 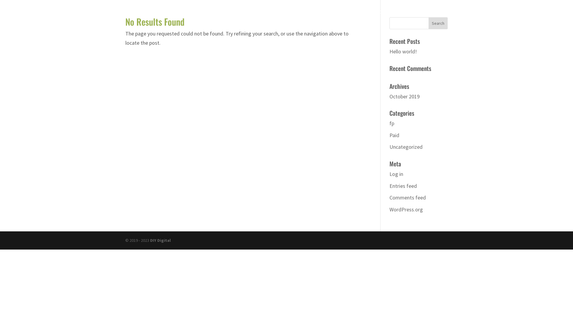 What do you see at coordinates (407, 197) in the screenshot?
I see `'Comments feed'` at bounding box center [407, 197].